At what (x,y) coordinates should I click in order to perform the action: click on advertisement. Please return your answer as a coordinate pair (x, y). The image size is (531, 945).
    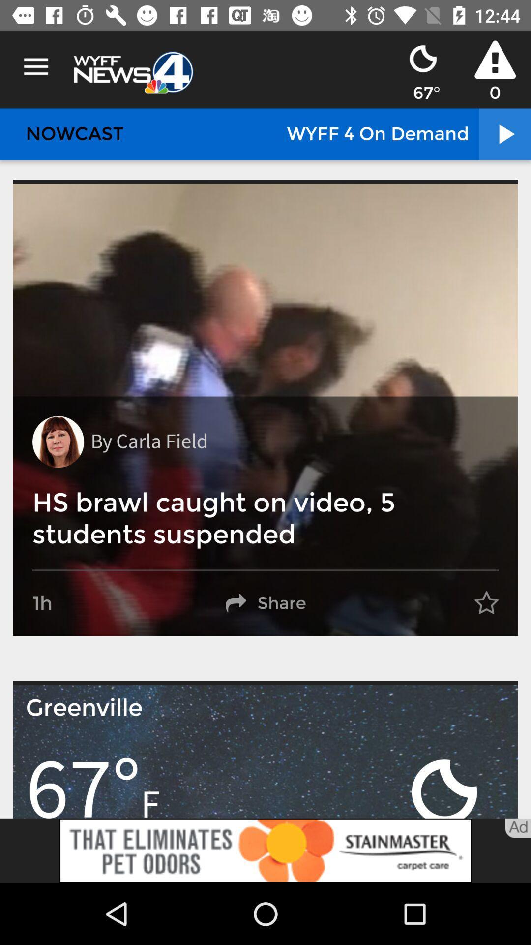
    Looking at the image, I should click on (265, 850).